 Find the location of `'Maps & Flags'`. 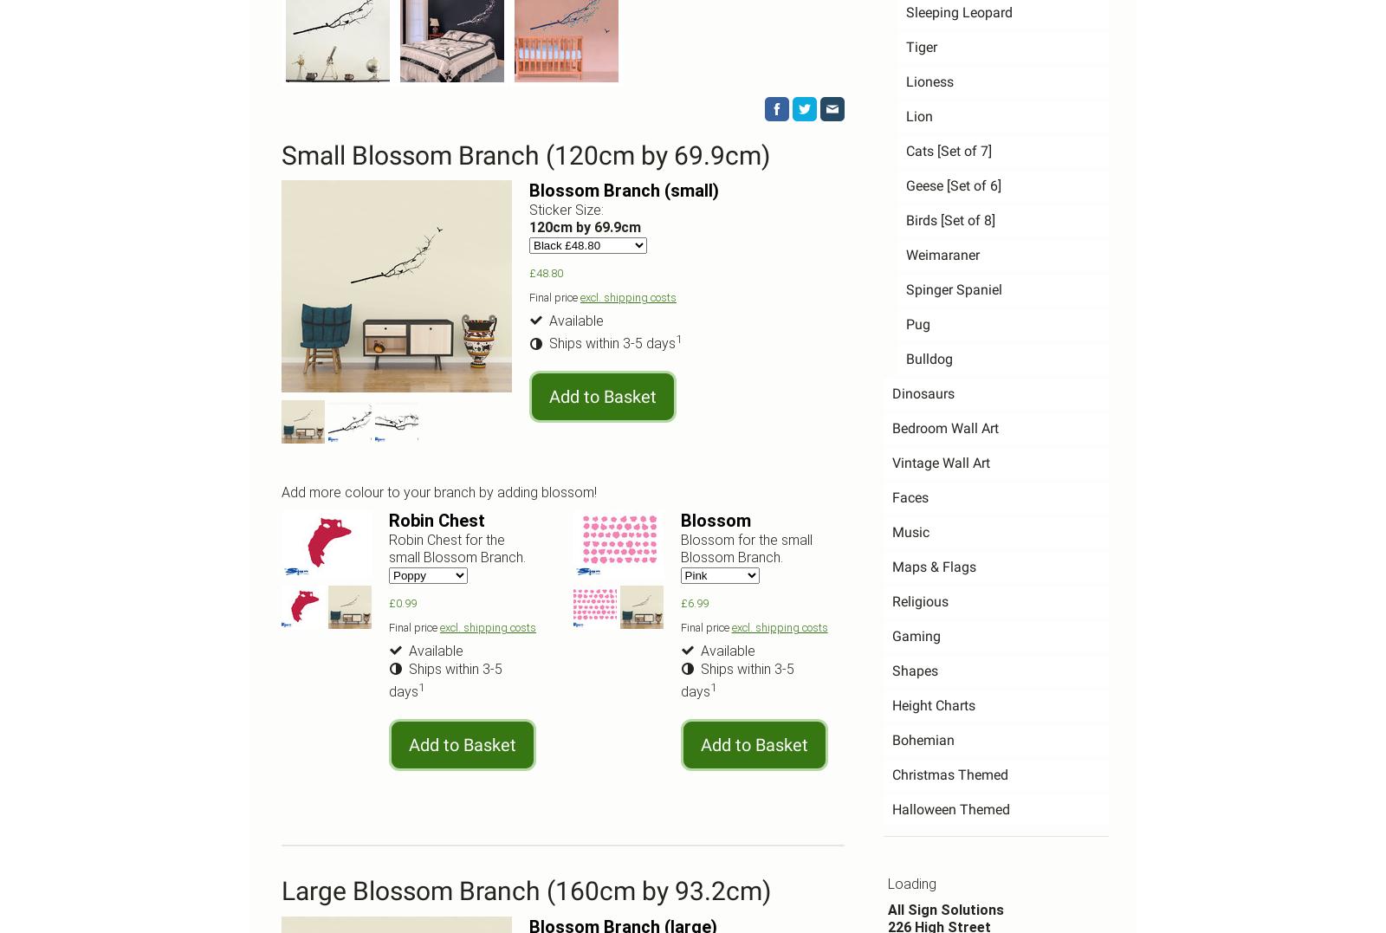

'Maps & Flags' is located at coordinates (934, 566).